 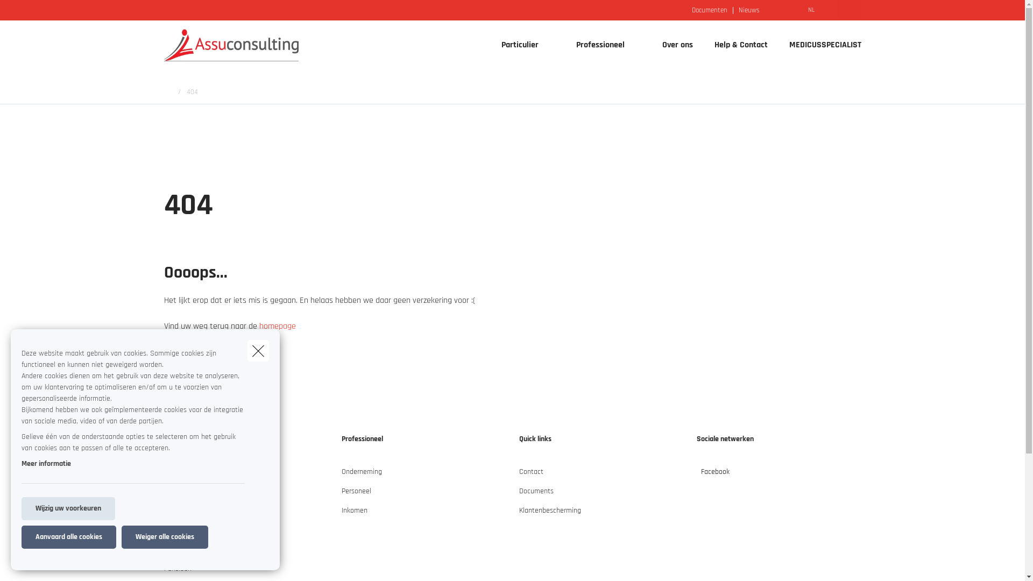 I want to click on 'Personeel', so click(x=356, y=495).